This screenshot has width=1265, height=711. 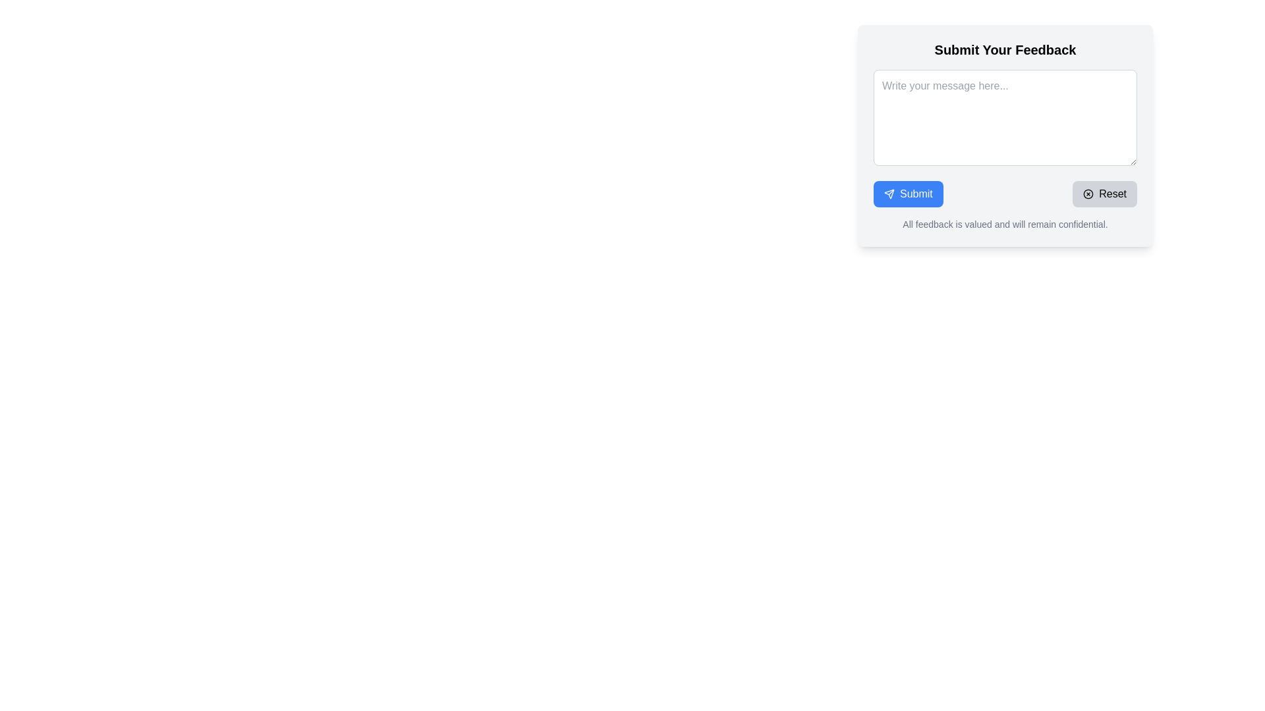 I want to click on the outermost circular part of the icon representing an action or state, located near the bottom right of the 'Submit Your Feedback' form, adjacent to the 'Reset' button, so click(x=1088, y=194).